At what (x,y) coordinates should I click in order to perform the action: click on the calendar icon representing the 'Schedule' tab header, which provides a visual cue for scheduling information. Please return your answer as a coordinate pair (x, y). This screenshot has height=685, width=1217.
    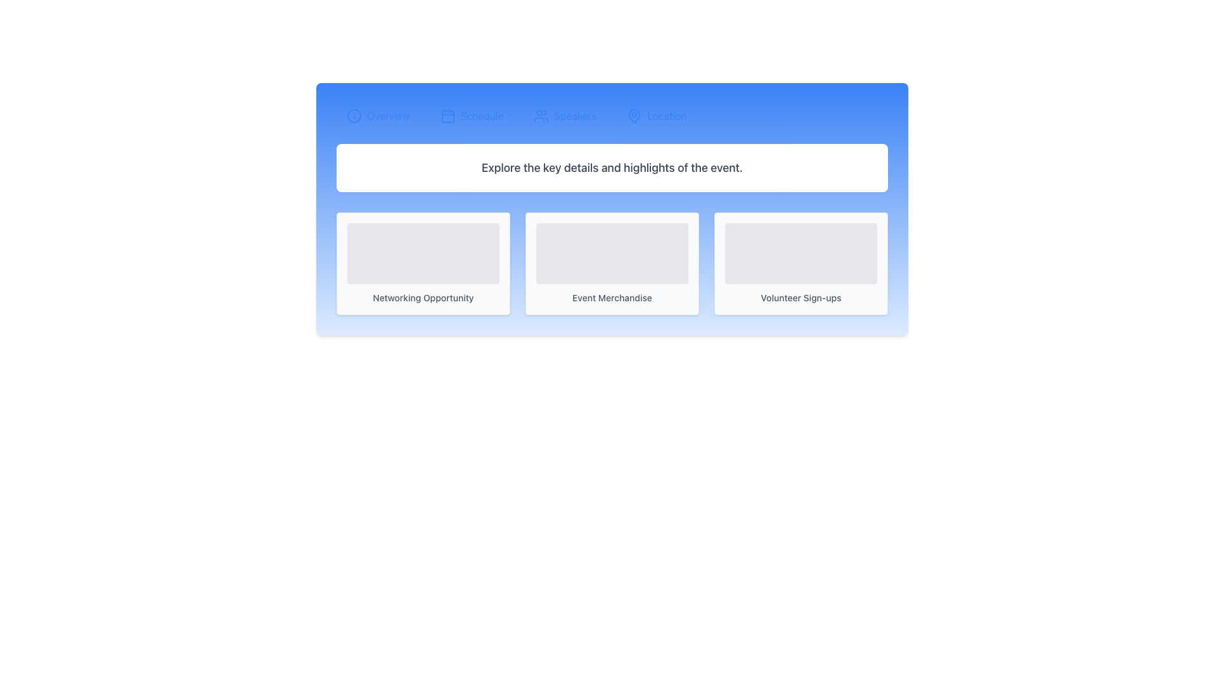
    Looking at the image, I should click on (448, 115).